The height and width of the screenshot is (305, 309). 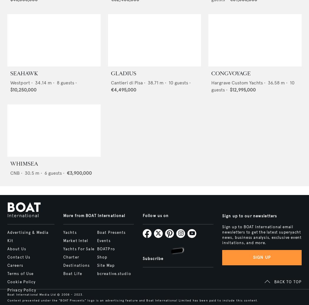 I want to click on 'Cookie Policy', so click(x=7, y=282).